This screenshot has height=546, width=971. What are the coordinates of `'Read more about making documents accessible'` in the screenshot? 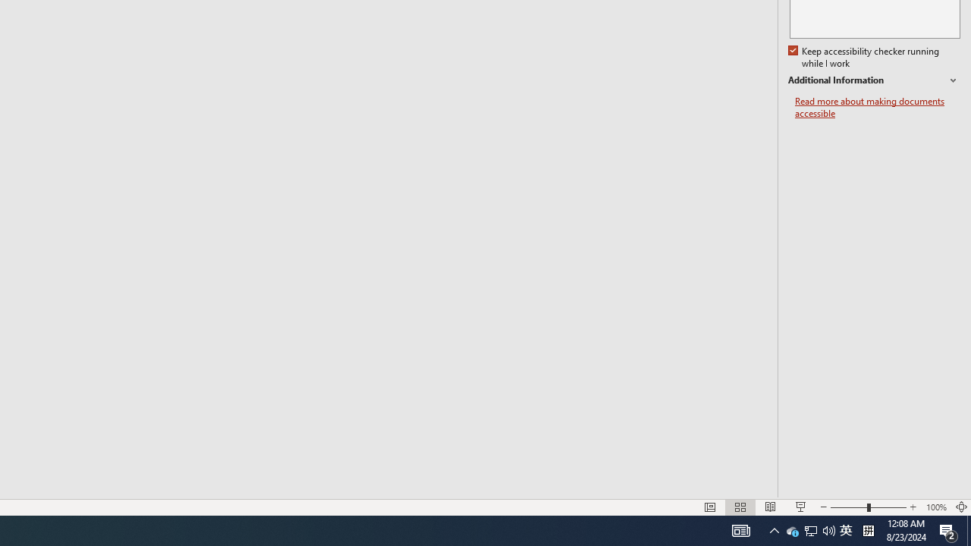 It's located at (878, 107).